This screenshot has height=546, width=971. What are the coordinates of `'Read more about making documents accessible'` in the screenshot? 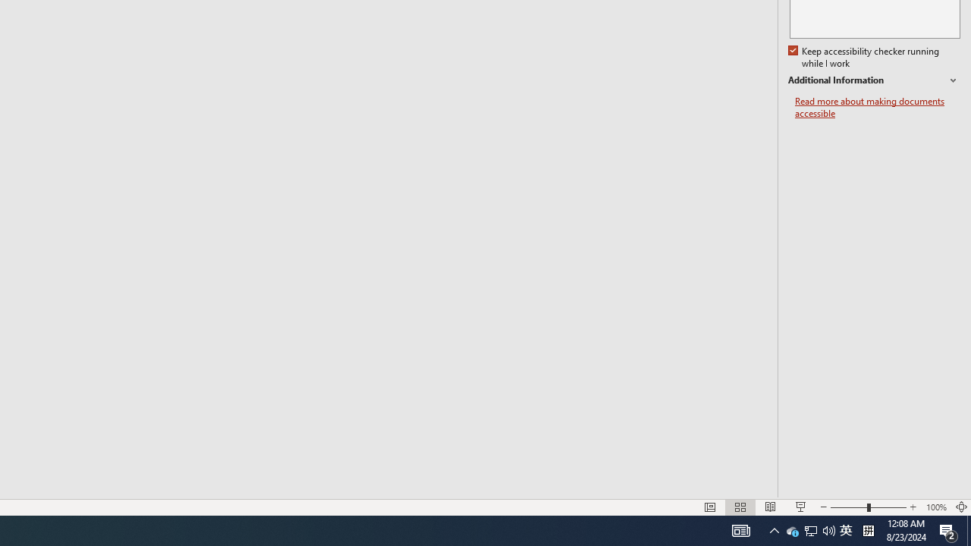 It's located at (878, 107).